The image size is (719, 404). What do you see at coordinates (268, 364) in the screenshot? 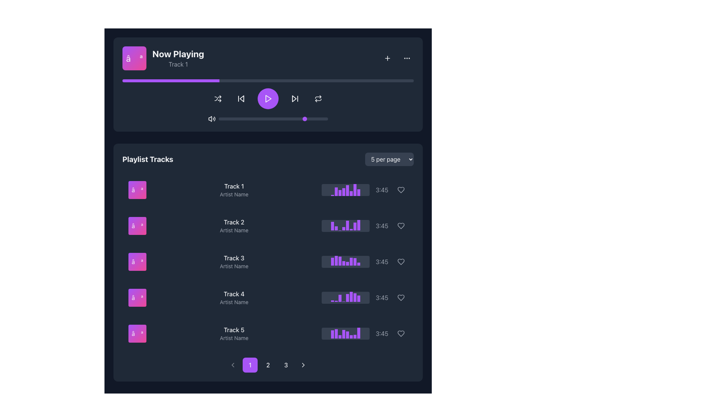
I see `the second button in the pagination section` at bounding box center [268, 364].